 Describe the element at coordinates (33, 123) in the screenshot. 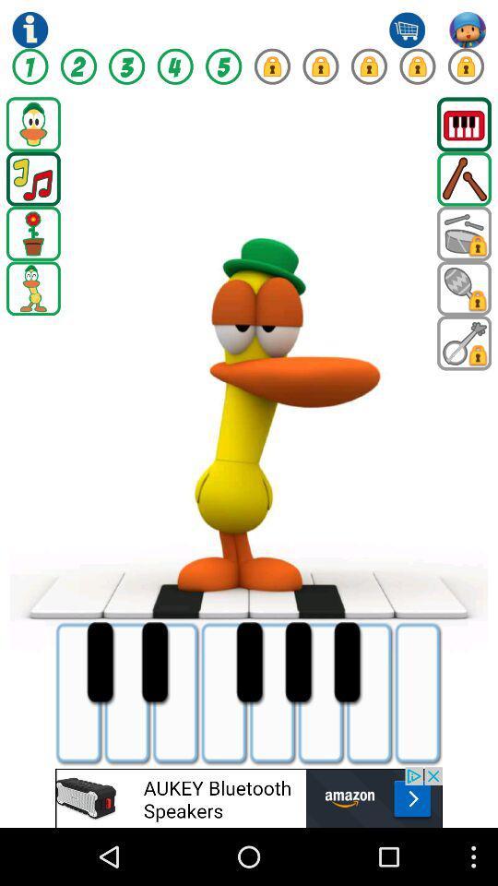

I see `game option` at that location.